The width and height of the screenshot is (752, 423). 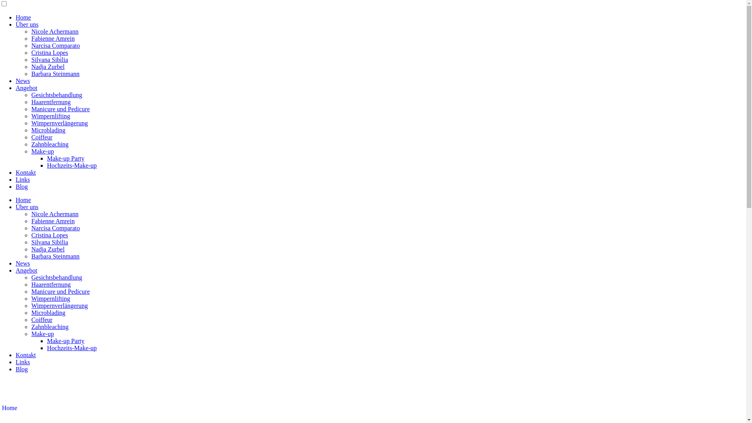 I want to click on 'Microblading', so click(x=31, y=130).